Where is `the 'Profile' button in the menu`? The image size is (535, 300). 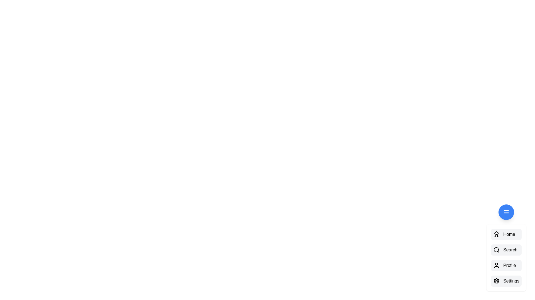 the 'Profile' button in the menu is located at coordinates (506, 265).